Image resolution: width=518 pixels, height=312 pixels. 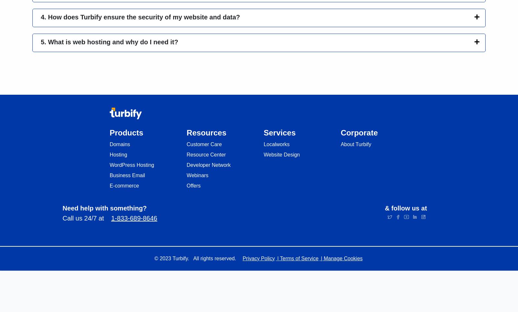 What do you see at coordinates (263, 154) in the screenshot?
I see `'Website Design'` at bounding box center [263, 154].